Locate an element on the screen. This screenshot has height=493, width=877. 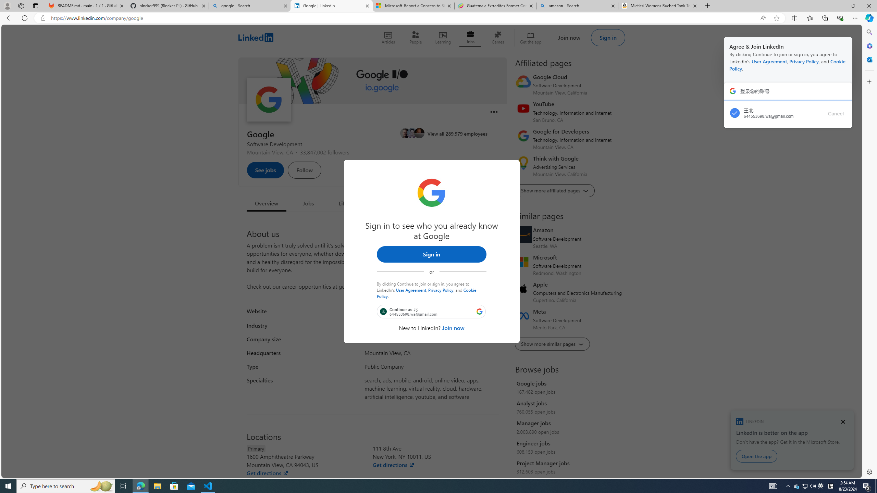
'amazon - Search' is located at coordinates (577, 5).